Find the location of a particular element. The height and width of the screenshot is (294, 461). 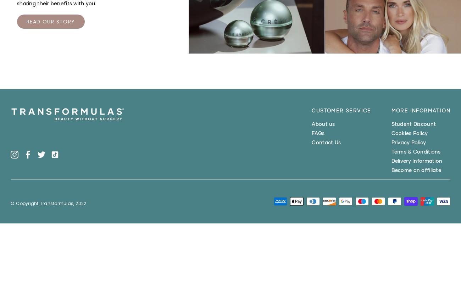

'Contact Us' is located at coordinates (326, 142).